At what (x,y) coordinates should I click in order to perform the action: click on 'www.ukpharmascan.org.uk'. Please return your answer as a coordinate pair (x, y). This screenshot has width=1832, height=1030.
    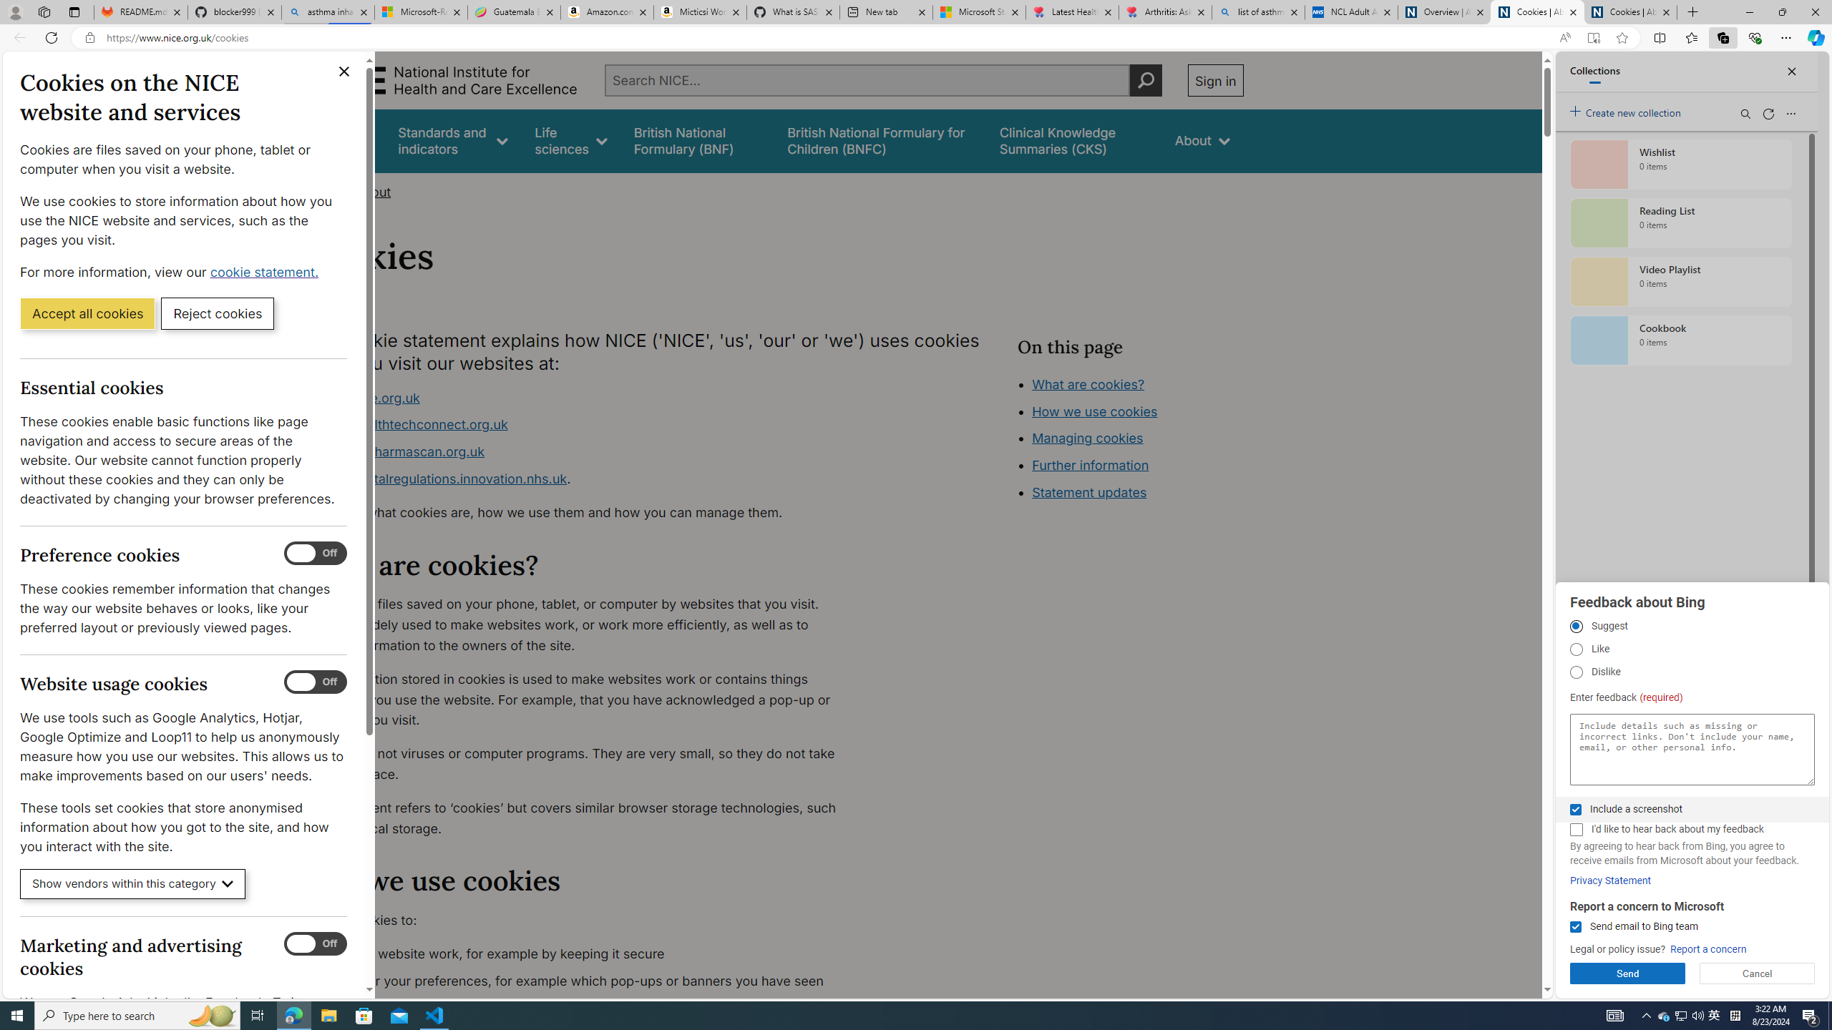
    Looking at the image, I should click on (400, 451).